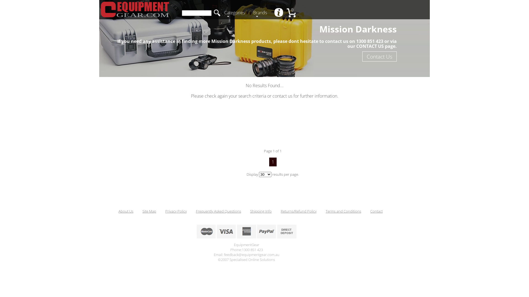 The width and height of the screenshot is (529, 297). Describe the element at coordinates (260, 211) in the screenshot. I see `'Shipping Info'` at that location.